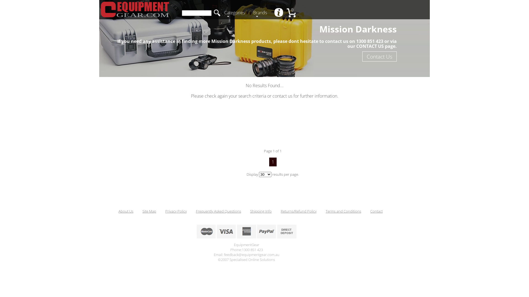 The width and height of the screenshot is (529, 297). Describe the element at coordinates (260, 211) in the screenshot. I see `'Shipping Info'` at that location.